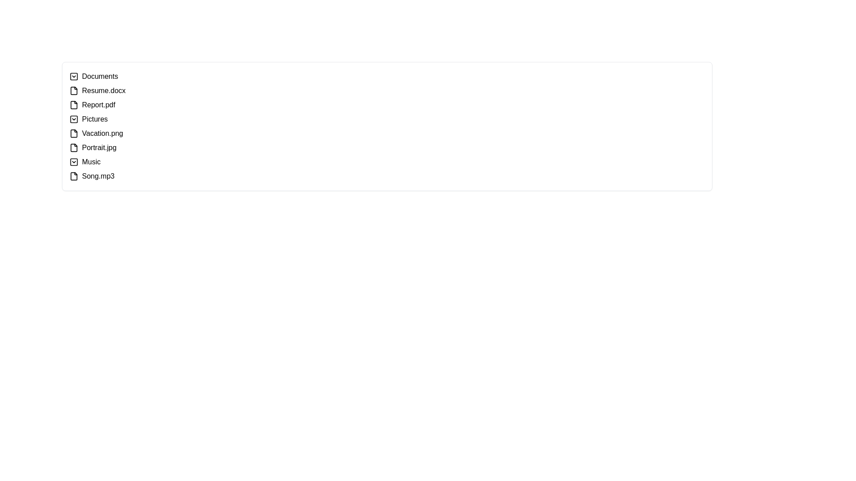 This screenshot has width=856, height=481. Describe the element at coordinates (103, 134) in the screenshot. I see `the text label displaying 'Vacation.png'` at that location.